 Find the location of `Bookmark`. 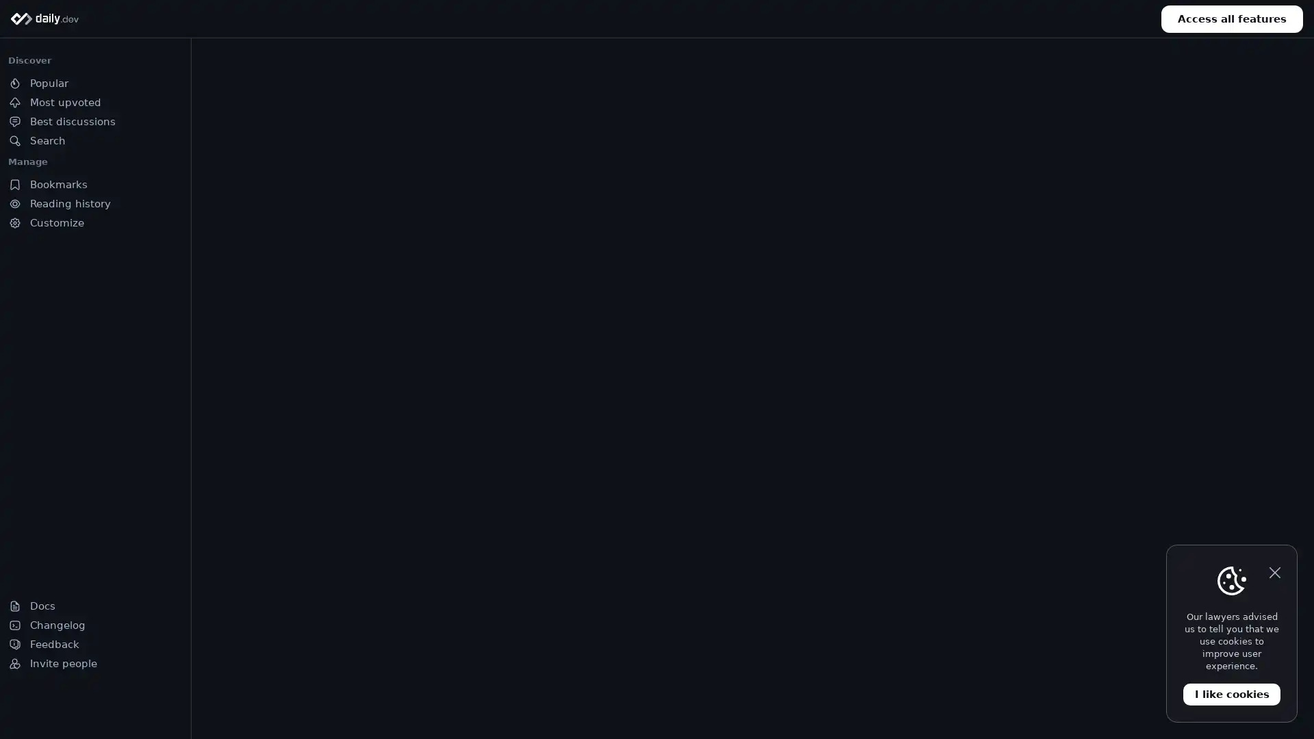

Bookmark is located at coordinates (710, 383).